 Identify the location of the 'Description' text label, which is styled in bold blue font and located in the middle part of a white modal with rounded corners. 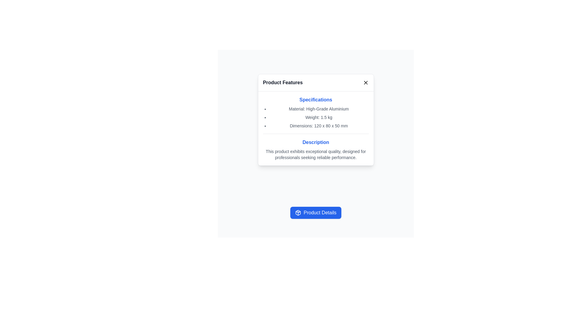
(315, 142).